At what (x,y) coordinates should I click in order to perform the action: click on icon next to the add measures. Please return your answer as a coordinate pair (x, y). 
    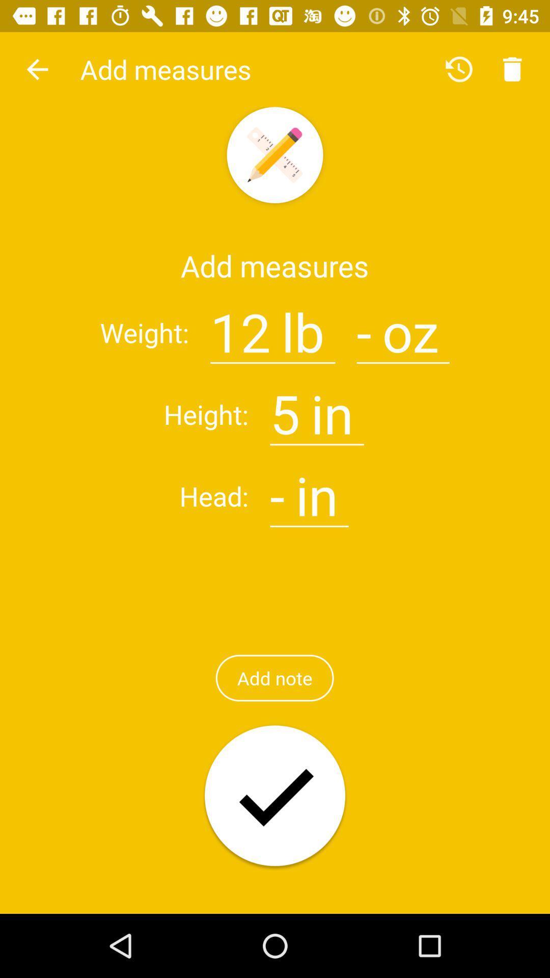
    Looking at the image, I should click on (37, 69).